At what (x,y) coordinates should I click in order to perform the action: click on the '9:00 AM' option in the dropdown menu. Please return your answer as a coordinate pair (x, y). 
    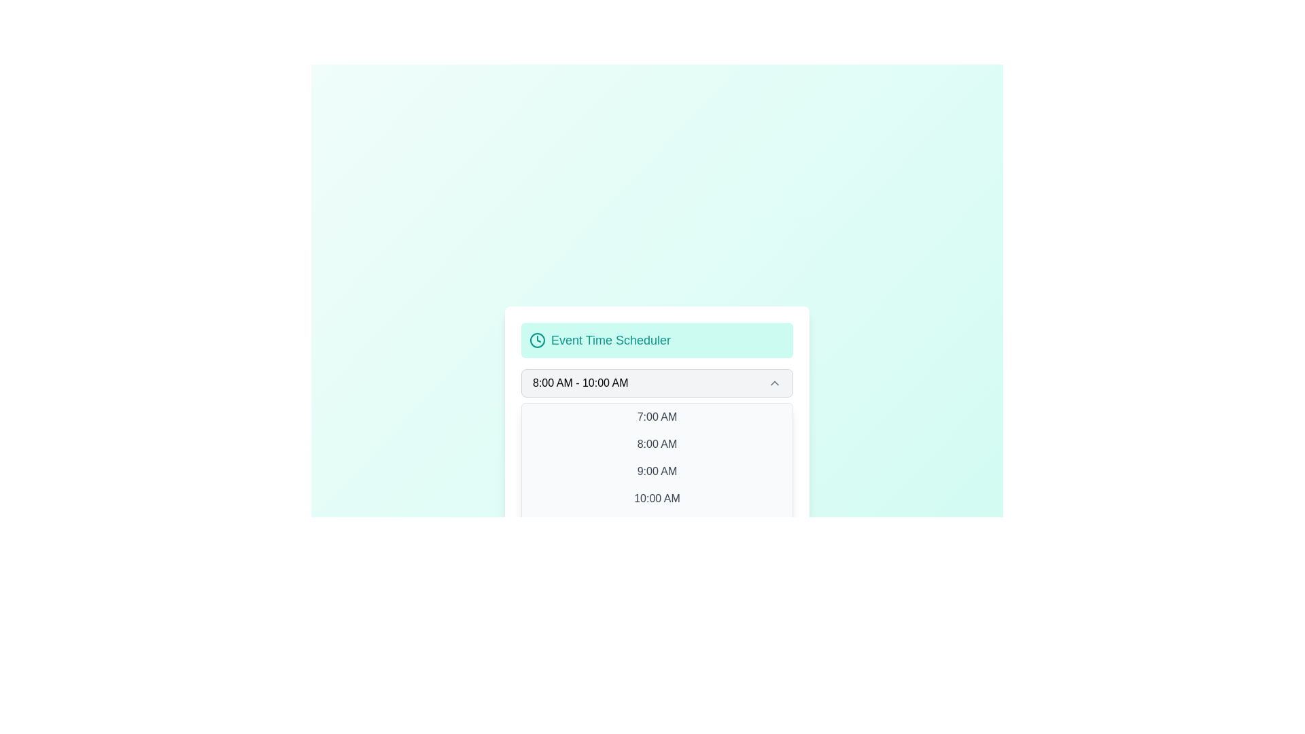
    Looking at the image, I should click on (657, 471).